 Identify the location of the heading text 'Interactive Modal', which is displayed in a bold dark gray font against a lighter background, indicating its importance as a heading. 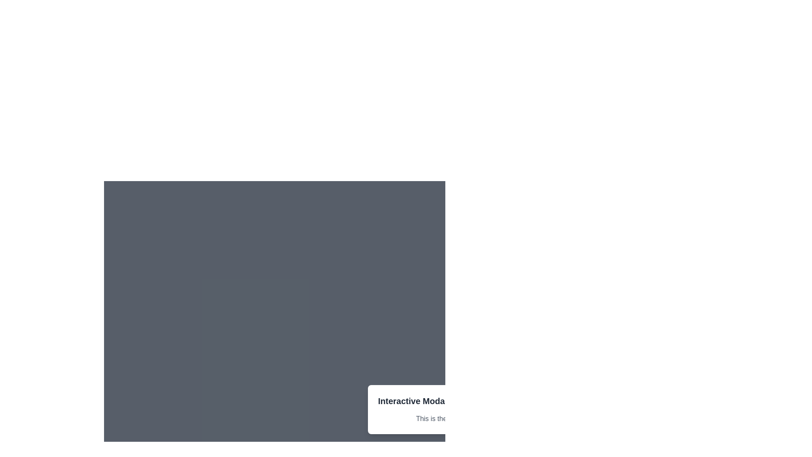
(412, 401).